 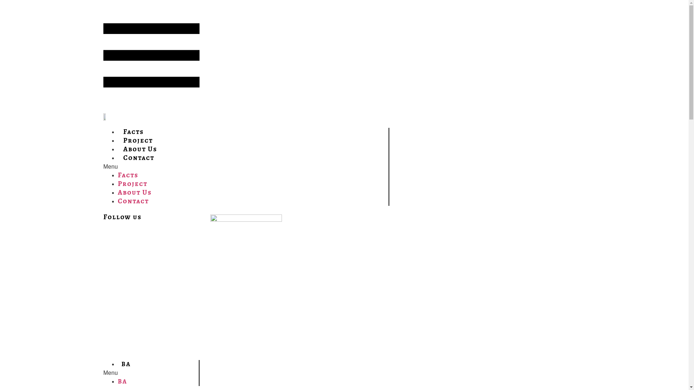 I want to click on 'Contact', so click(x=139, y=157).